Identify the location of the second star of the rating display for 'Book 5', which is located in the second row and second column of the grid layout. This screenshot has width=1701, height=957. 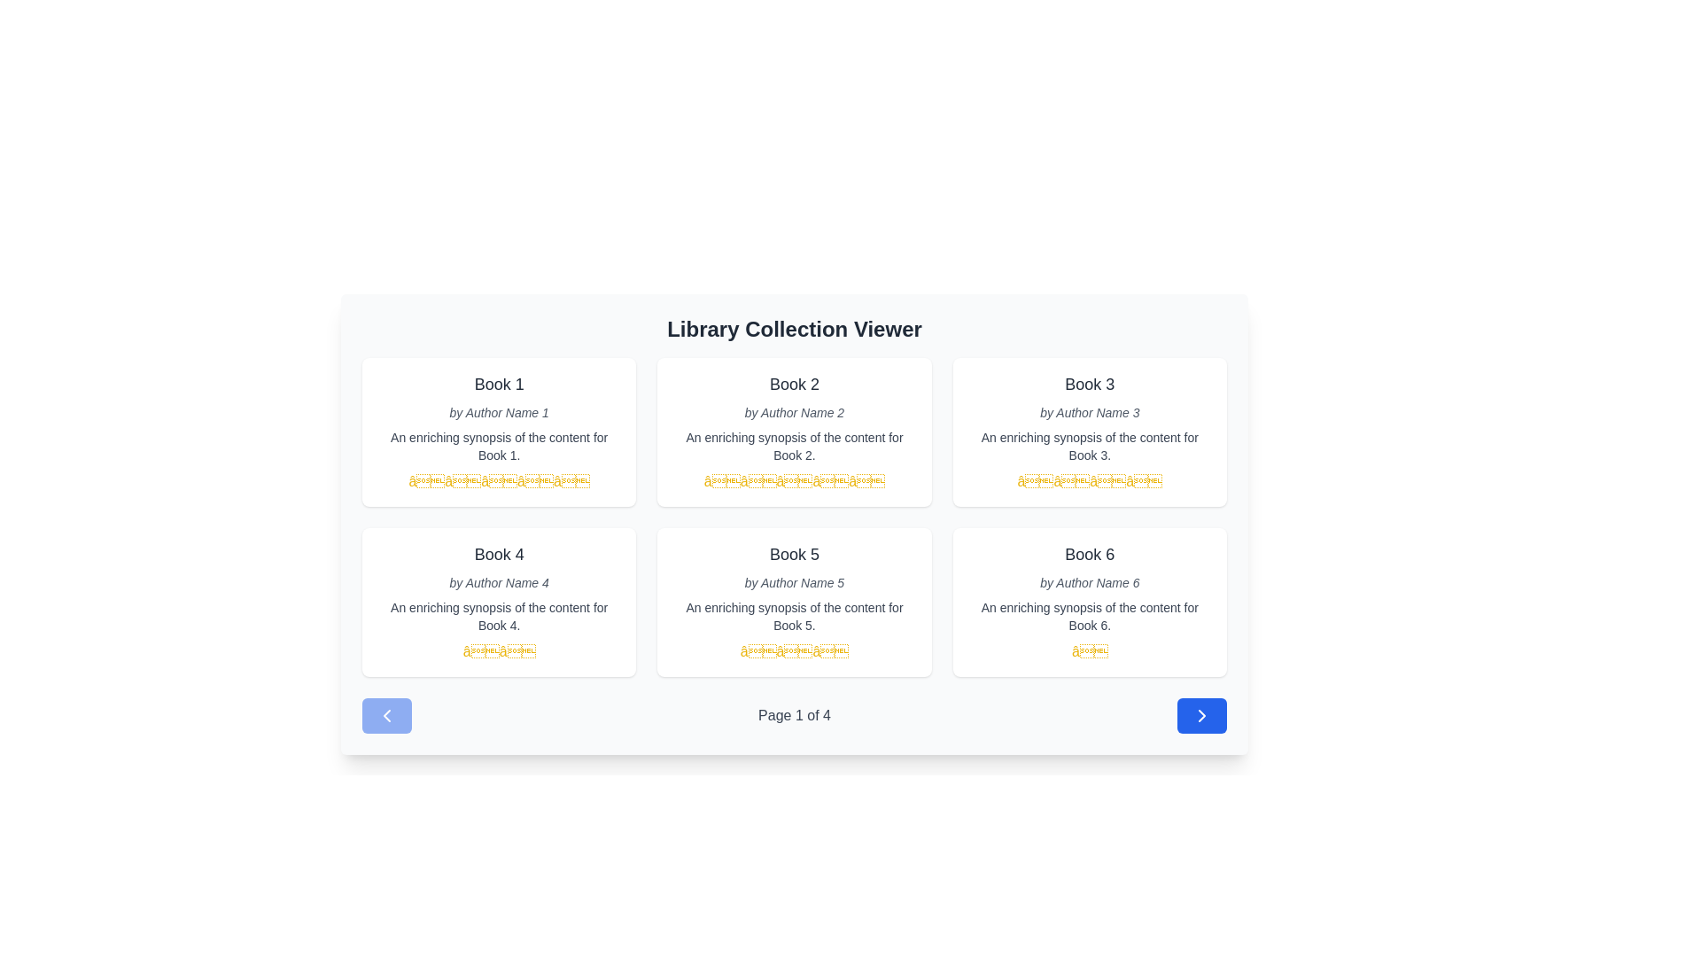
(794, 651).